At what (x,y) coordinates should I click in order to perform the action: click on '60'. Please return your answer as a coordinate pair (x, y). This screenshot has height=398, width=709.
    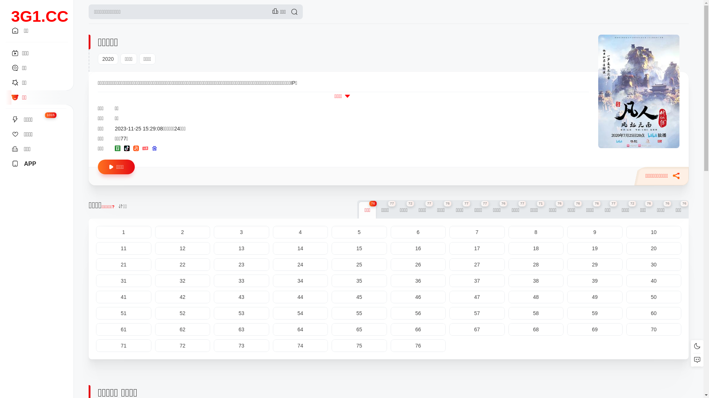
    Looking at the image, I should click on (654, 313).